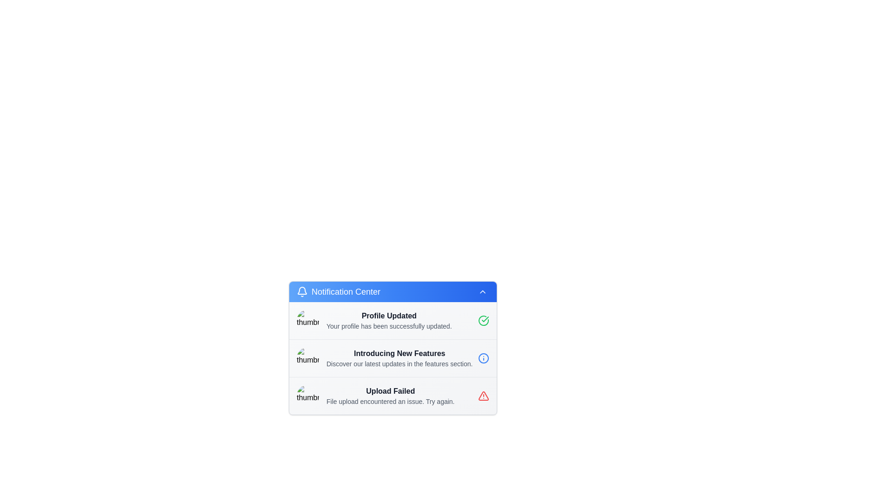  What do you see at coordinates (393, 357) in the screenshot?
I see `the Notification item that informs the user about new features and updates, positioned between 'Profile Updated' and 'Upload Failed'` at bounding box center [393, 357].